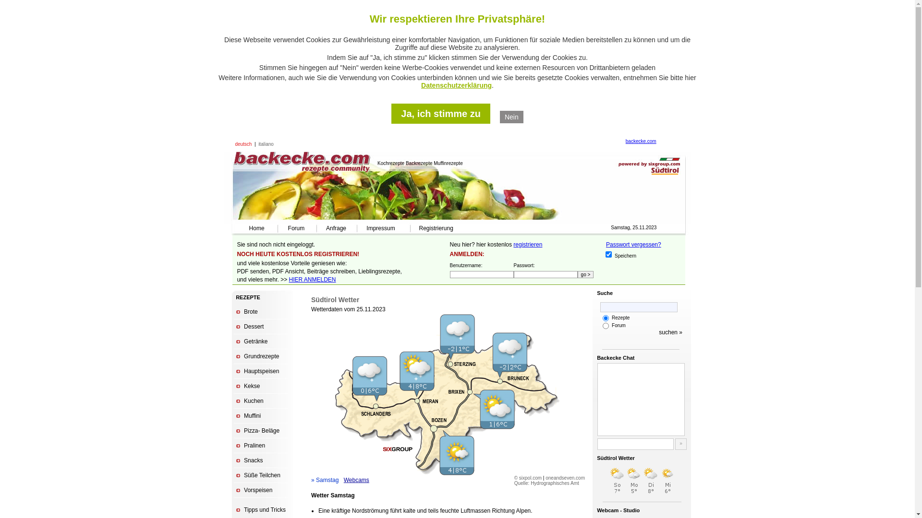  Describe the element at coordinates (244, 401) in the screenshot. I see `'Kuchen'` at that location.